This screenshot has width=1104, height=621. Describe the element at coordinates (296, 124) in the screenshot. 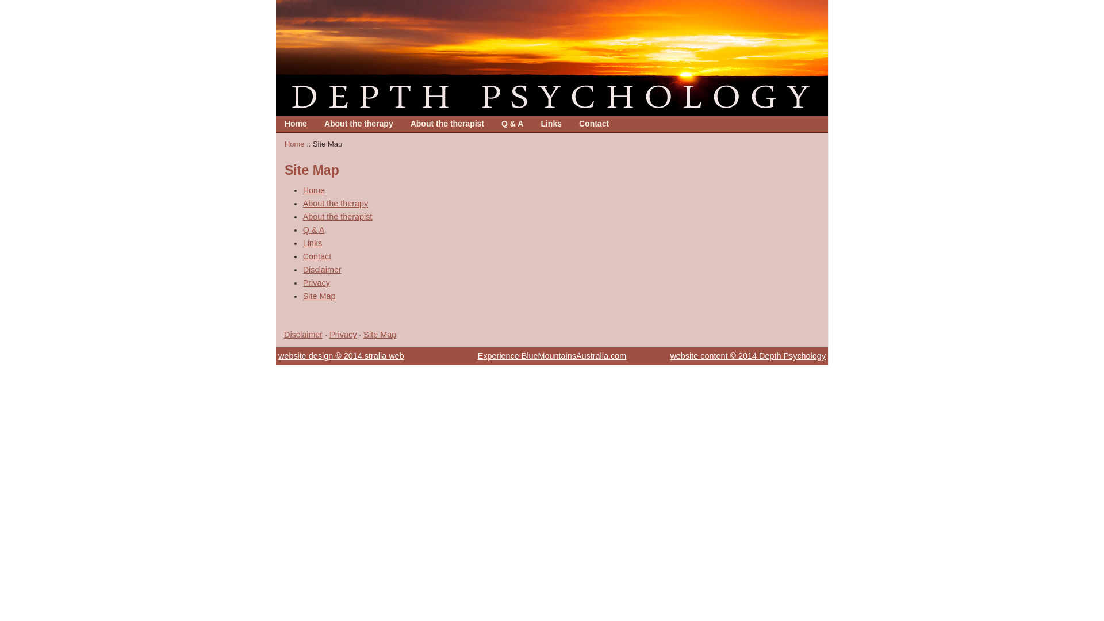

I see `'Home'` at that location.